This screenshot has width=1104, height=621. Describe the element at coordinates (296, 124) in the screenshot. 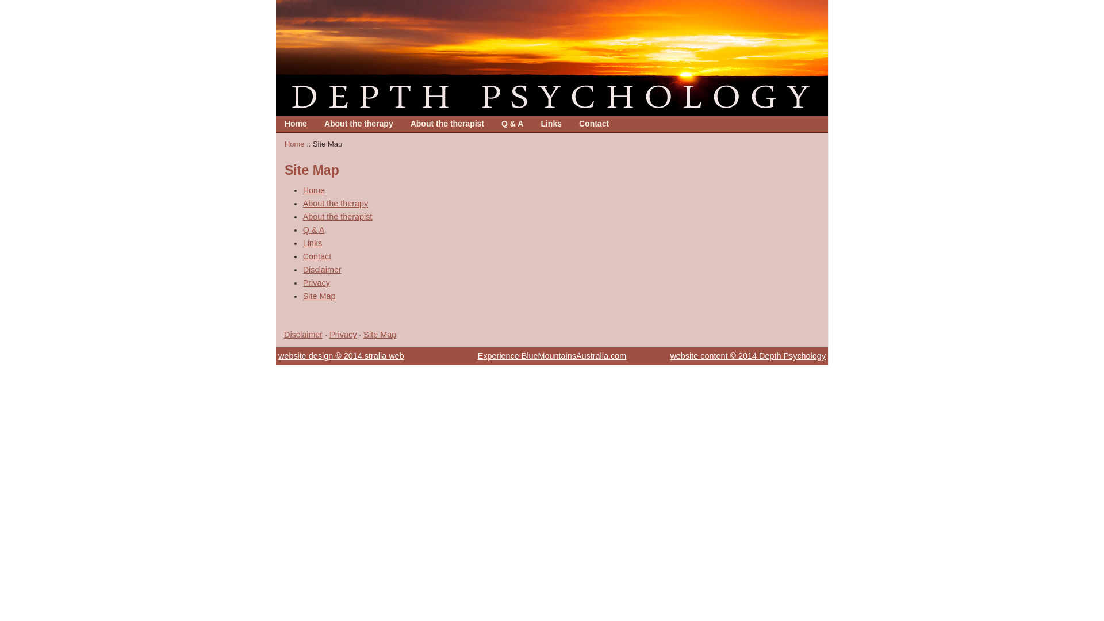

I see `'Home'` at that location.